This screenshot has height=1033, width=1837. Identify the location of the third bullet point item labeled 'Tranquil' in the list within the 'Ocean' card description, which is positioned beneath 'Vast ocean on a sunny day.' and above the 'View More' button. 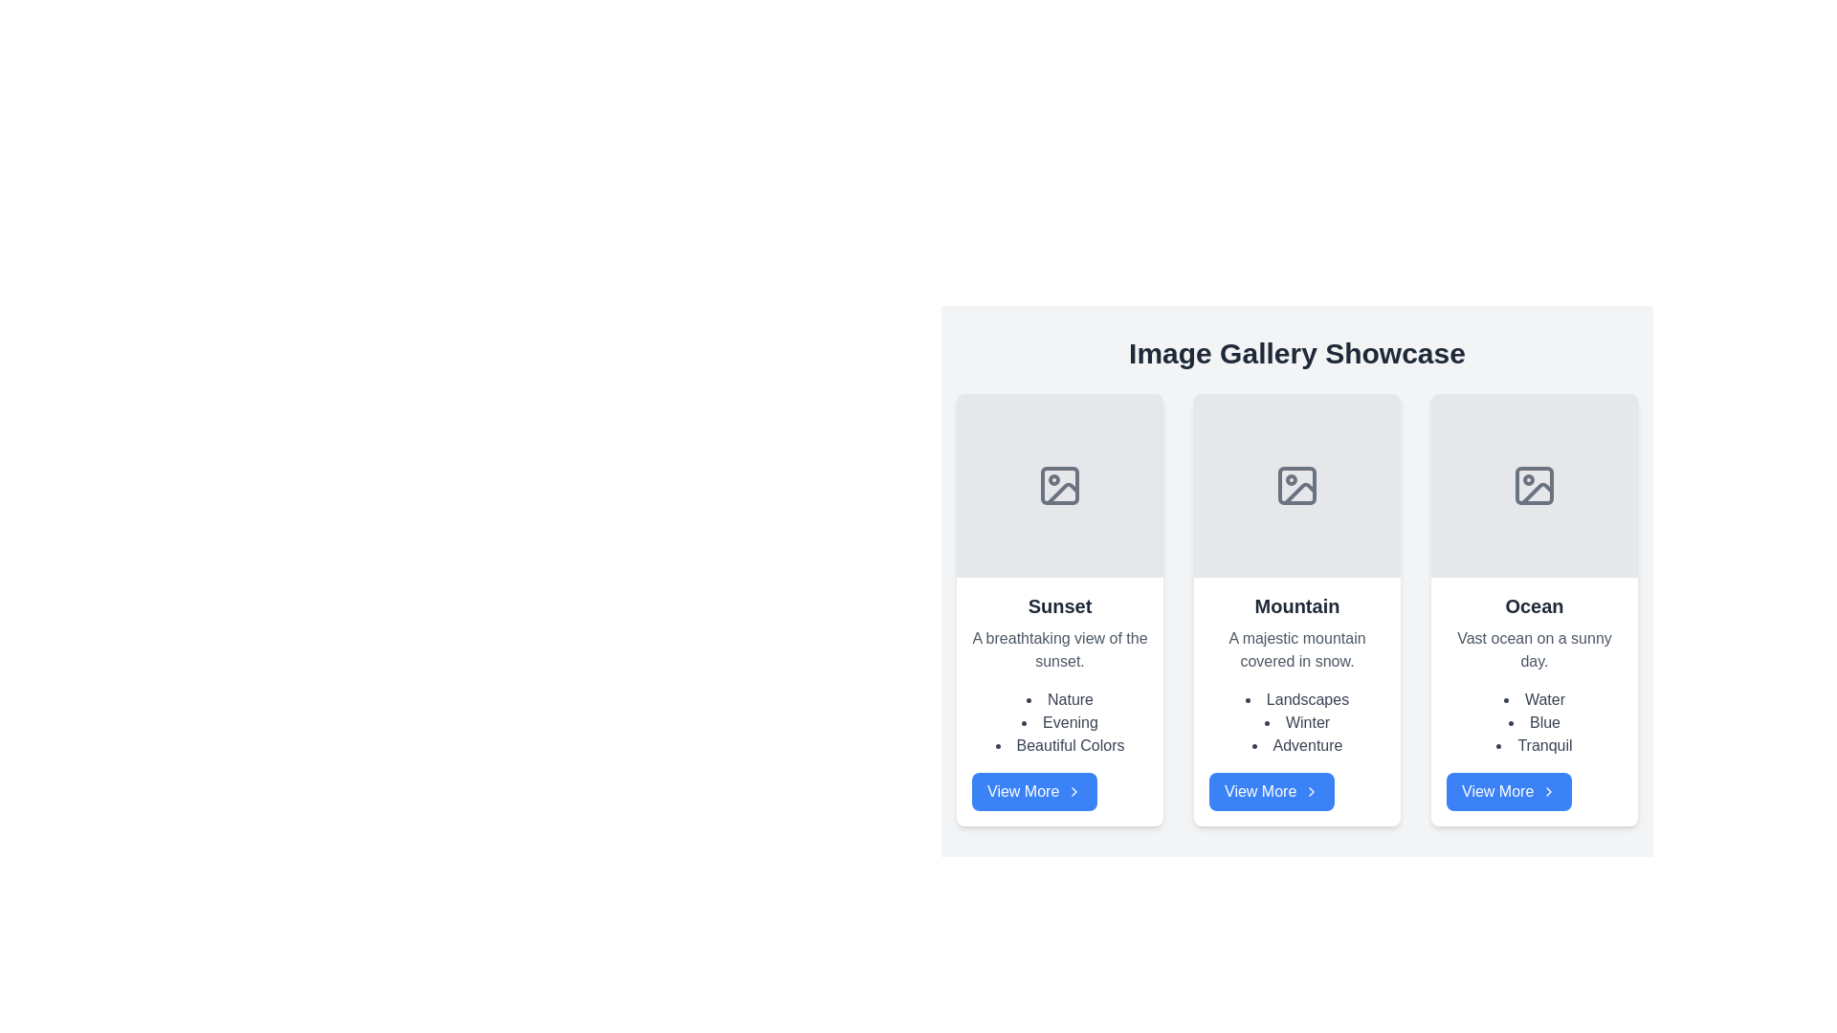
(1534, 744).